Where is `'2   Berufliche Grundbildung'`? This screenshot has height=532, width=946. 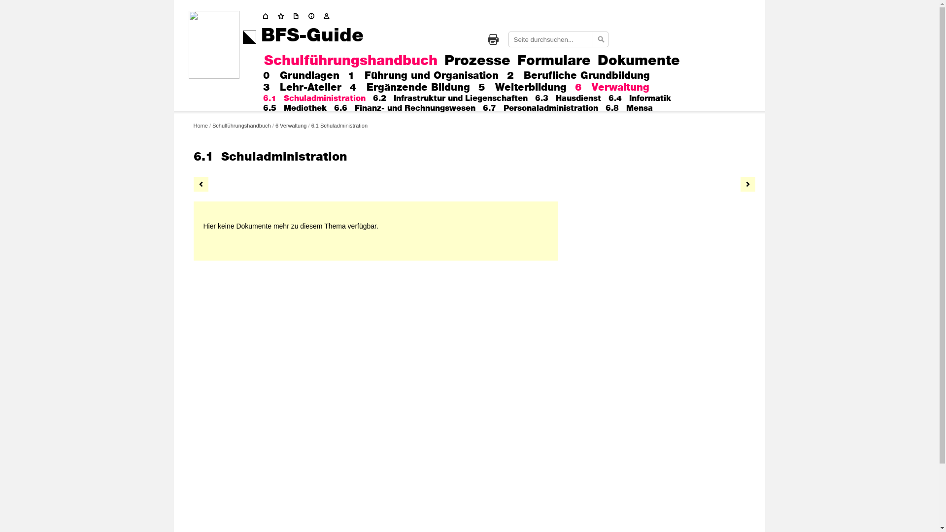 '2   Berufliche Grundbildung' is located at coordinates (577, 75).